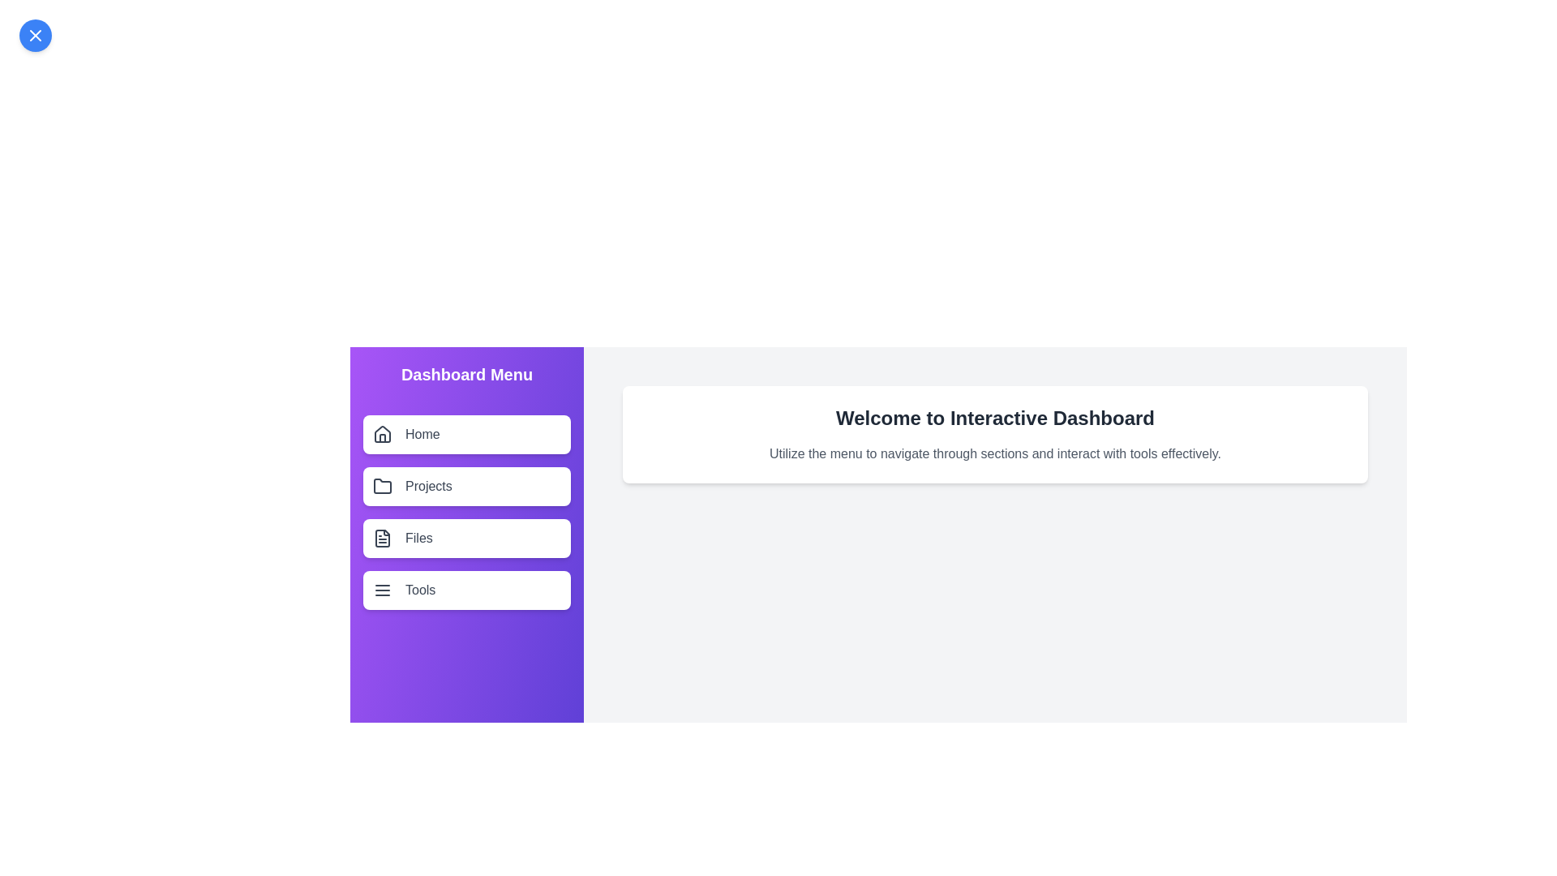 Image resolution: width=1557 pixels, height=876 pixels. Describe the element at coordinates (466, 486) in the screenshot. I see `the menu item labeled 'Projects' to observe visual feedback` at that location.